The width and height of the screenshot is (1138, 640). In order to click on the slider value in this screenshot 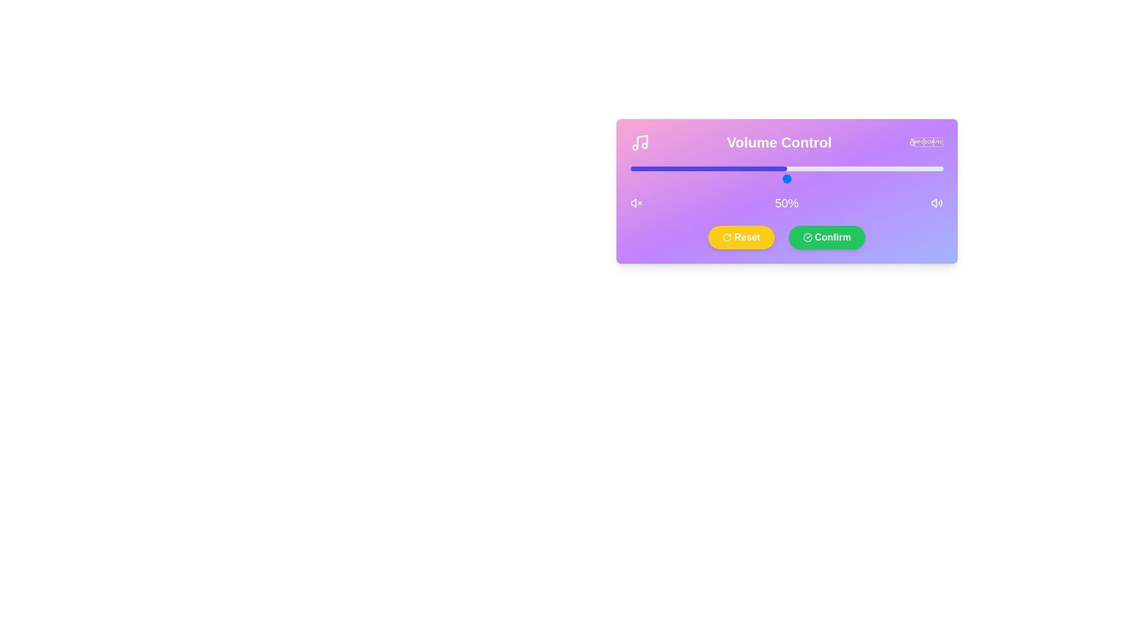, I will do `click(902, 169)`.